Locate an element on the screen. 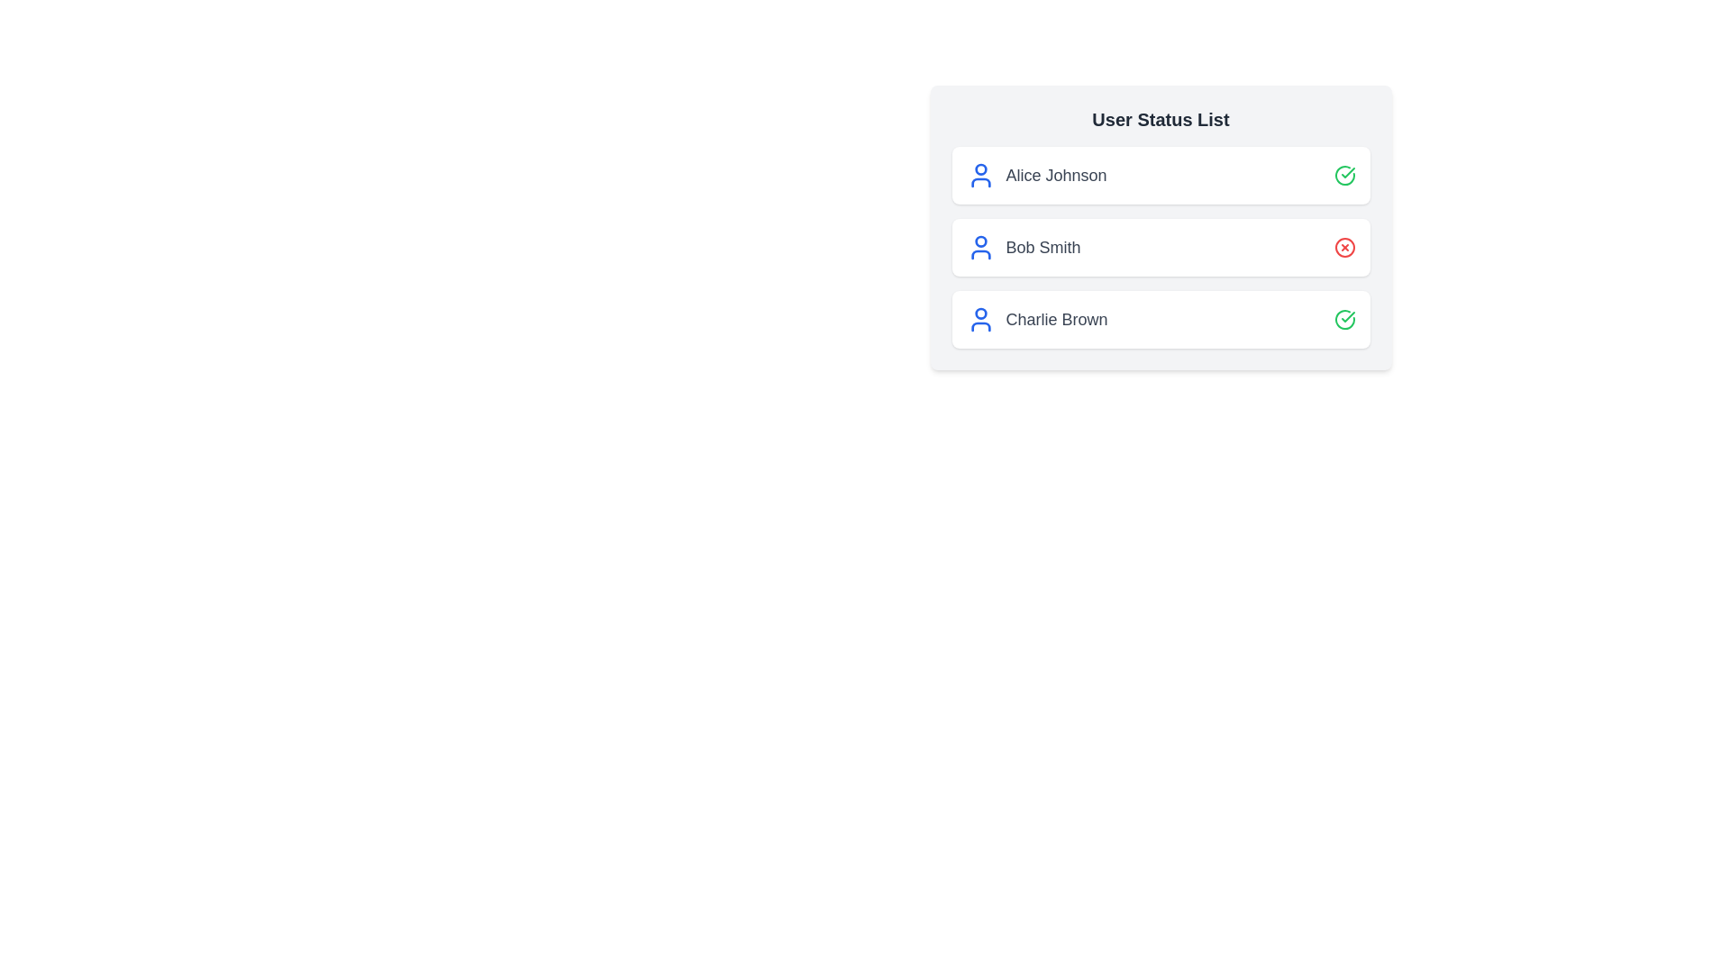 The image size is (1730, 973). the status icon for Bob Smith is located at coordinates (1344, 247).